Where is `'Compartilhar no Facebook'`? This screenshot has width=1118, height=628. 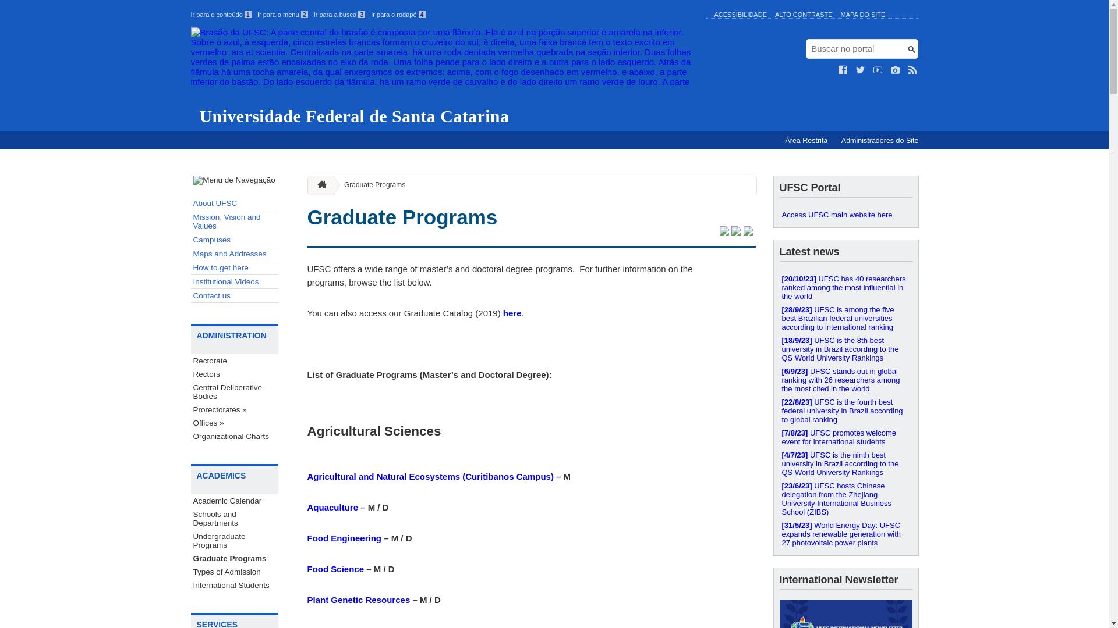 'Compartilhar no Facebook' is located at coordinates (735, 232).